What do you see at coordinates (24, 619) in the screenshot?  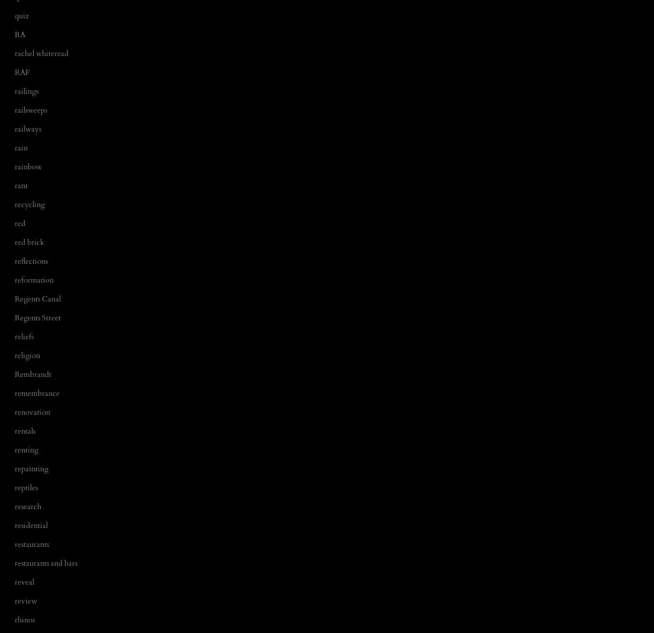 I see `'rhinos'` at bounding box center [24, 619].